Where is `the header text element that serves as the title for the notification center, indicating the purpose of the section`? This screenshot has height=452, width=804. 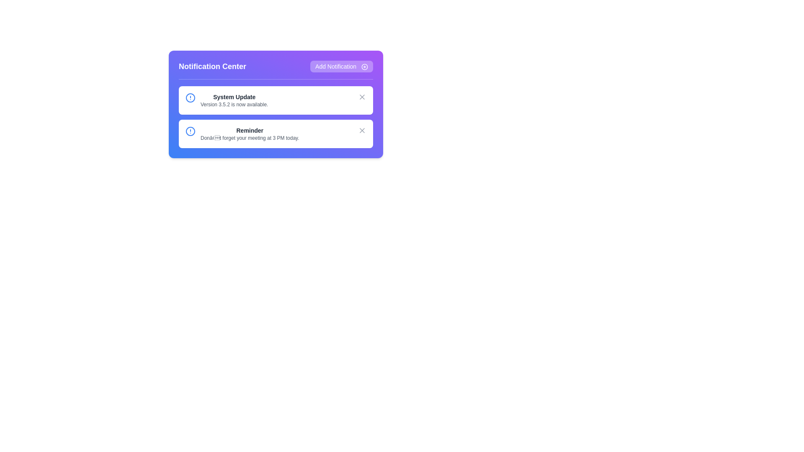 the header text element that serves as the title for the notification center, indicating the purpose of the section is located at coordinates (212, 66).